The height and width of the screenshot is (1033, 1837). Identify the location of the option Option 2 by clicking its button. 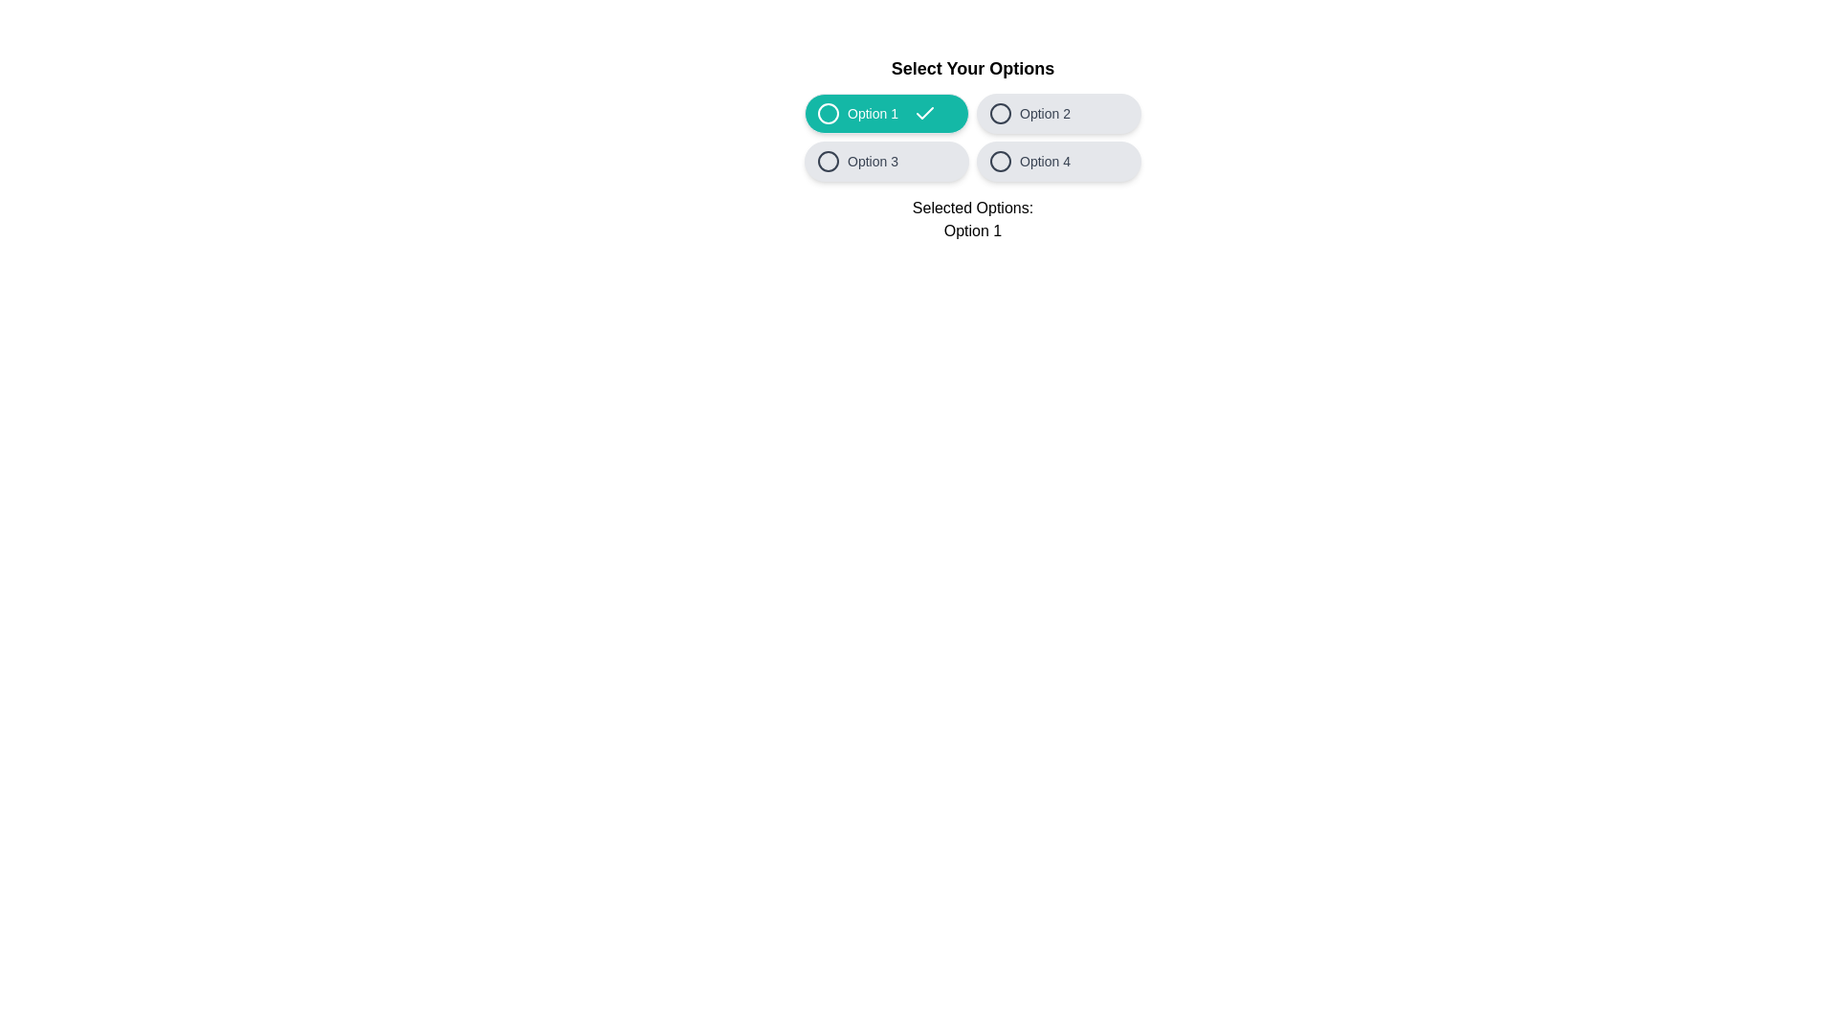
(1058, 114).